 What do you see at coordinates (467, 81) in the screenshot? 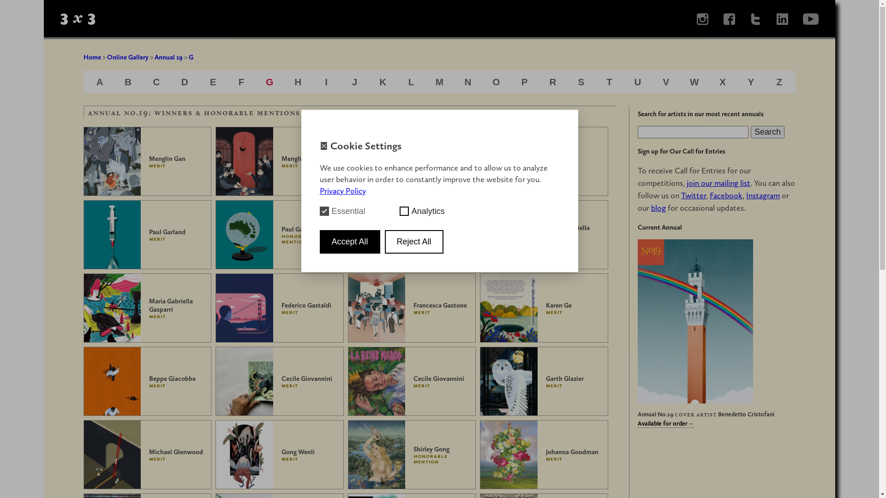
I see `'N'` at bounding box center [467, 81].